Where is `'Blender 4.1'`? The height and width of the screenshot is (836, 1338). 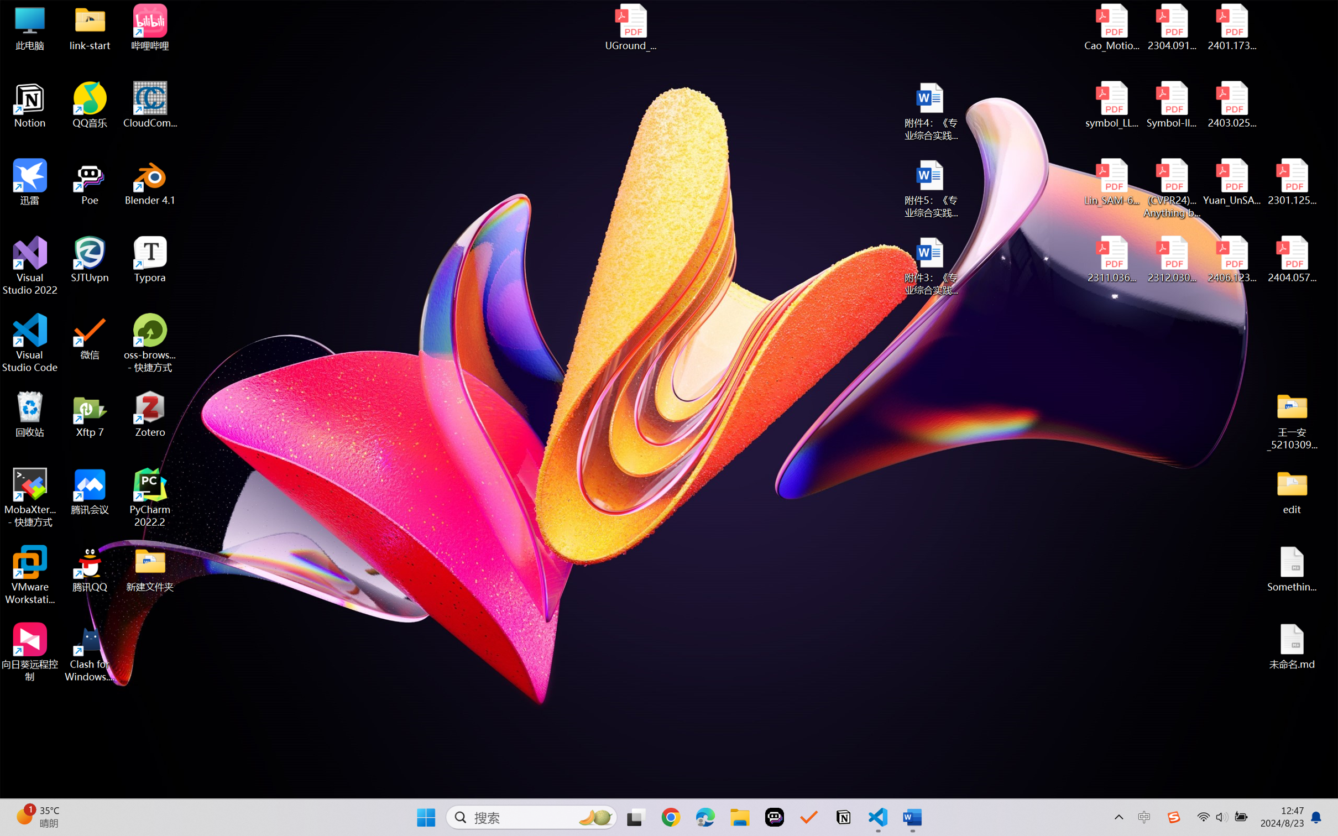
'Blender 4.1' is located at coordinates (150, 181).